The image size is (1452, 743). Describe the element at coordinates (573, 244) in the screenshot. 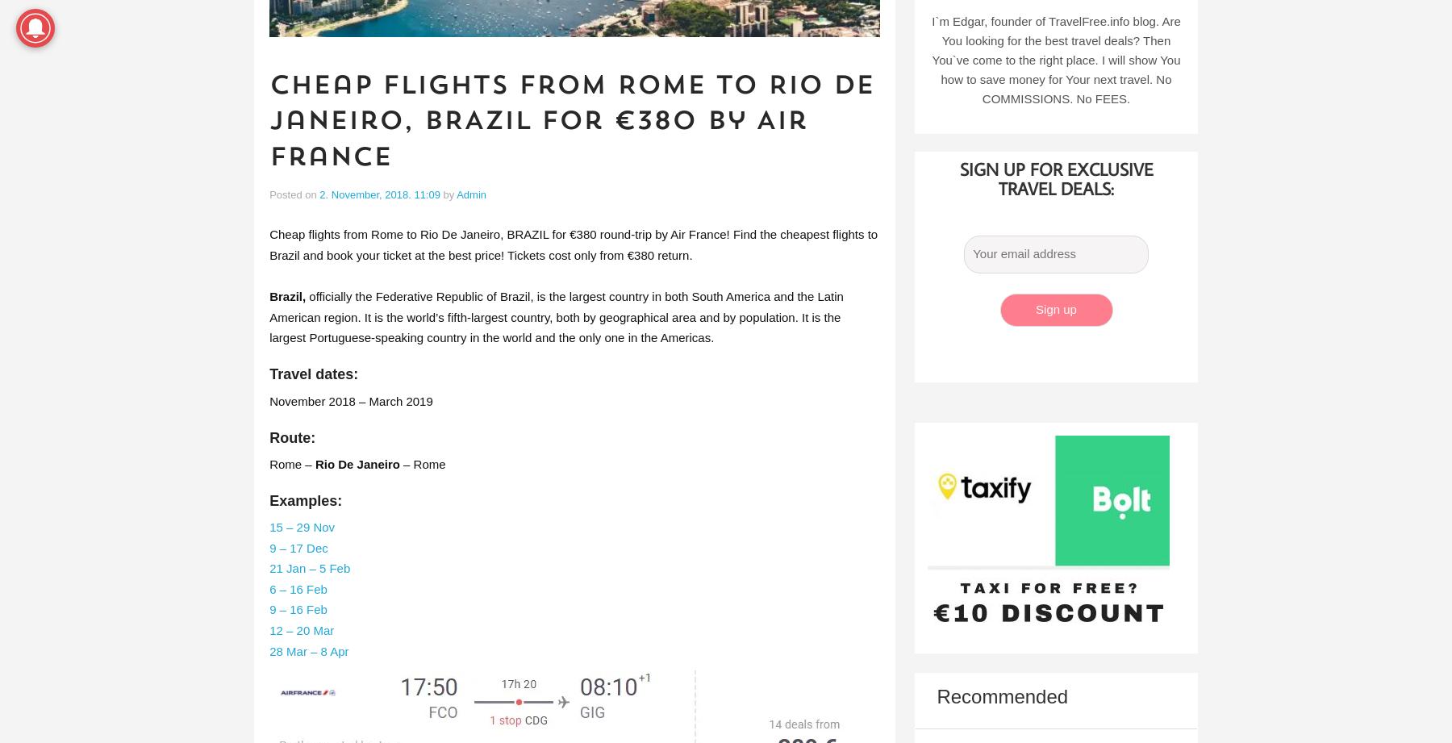

I see `'Cheap flights from Rome to Rio De Janeiro, BRAZIL for €380 round-trip by Air France! Find the cheapest flights to Brazil and book your ticket at the best price! Tickets cost only from €380 return.'` at that location.